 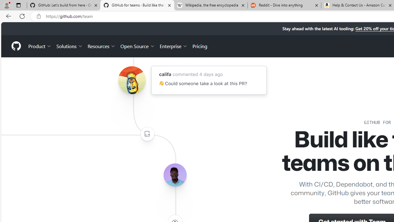 What do you see at coordinates (137, 46) in the screenshot?
I see `'Open Source'` at bounding box center [137, 46].